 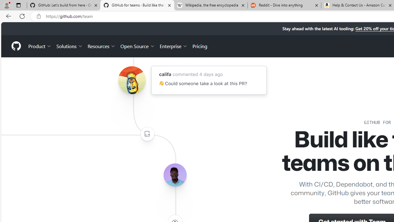 What do you see at coordinates (137, 46) in the screenshot?
I see `'Open Source'` at bounding box center [137, 46].